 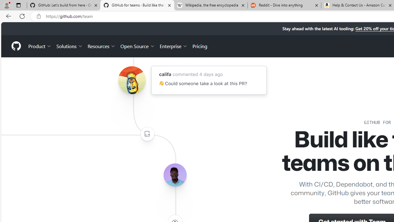 What do you see at coordinates (137, 46) in the screenshot?
I see `'Open Source'` at bounding box center [137, 46].